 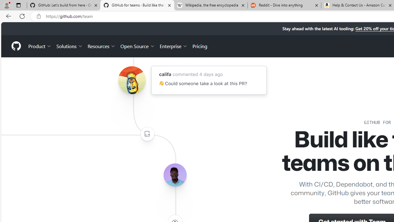 What do you see at coordinates (137, 46) in the screenshot?
I see `'Open Source'` at bounding box center [137, 46].